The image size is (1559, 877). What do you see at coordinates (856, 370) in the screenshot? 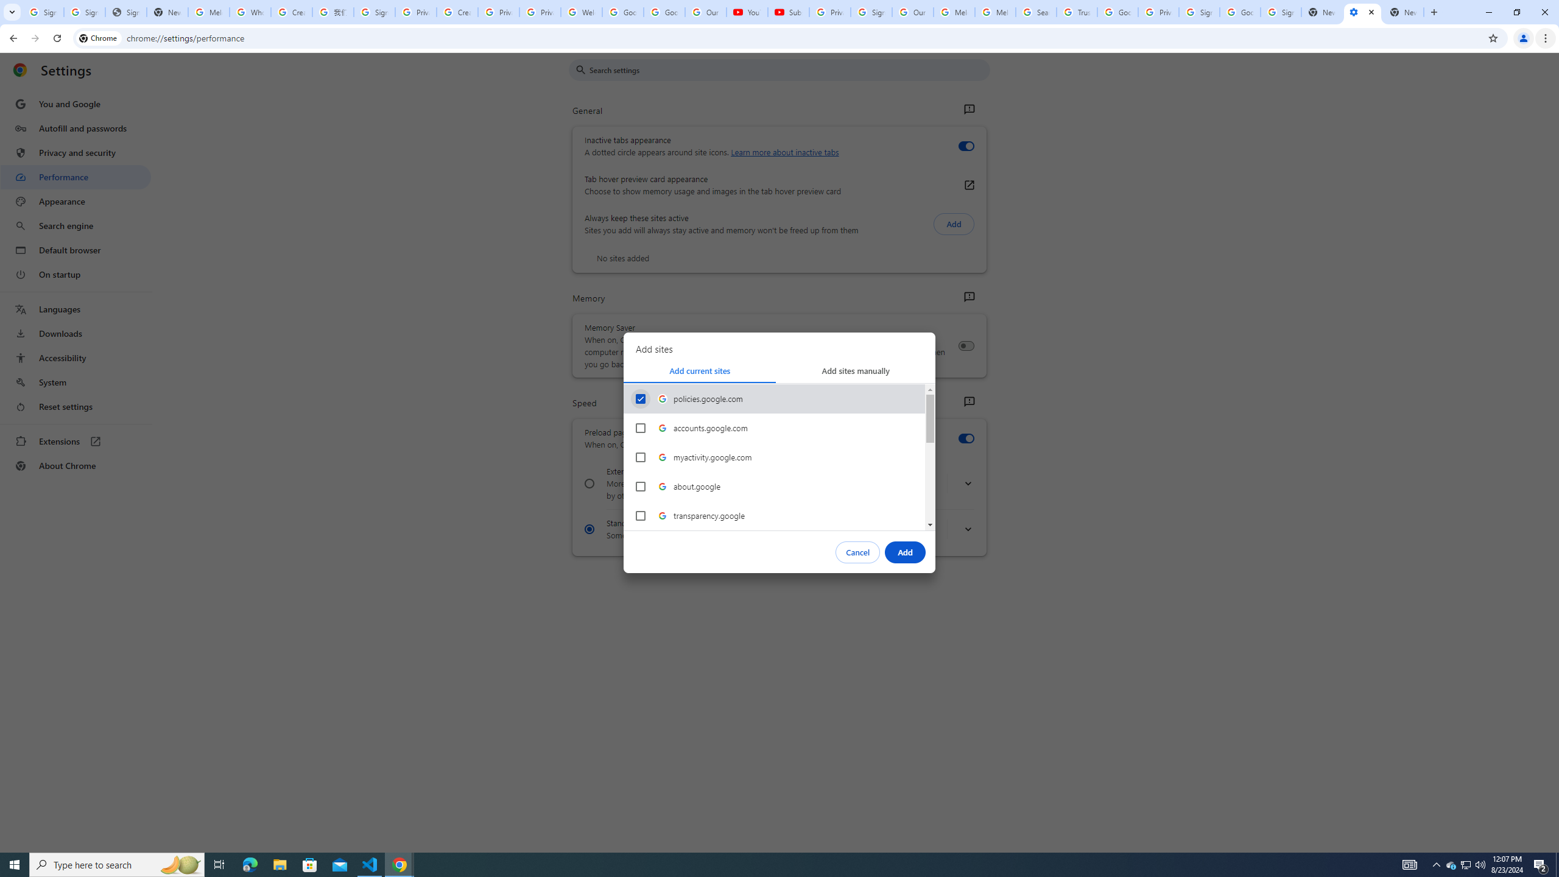
I see `'Add sites manually'` at bounding box center [856, 370].